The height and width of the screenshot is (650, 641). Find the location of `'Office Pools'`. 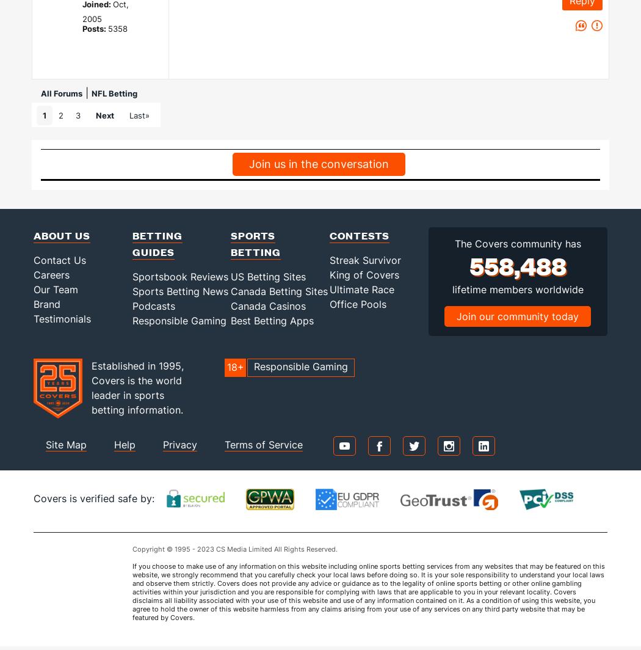

'Office Pools' is located at coordinates (357, 304).